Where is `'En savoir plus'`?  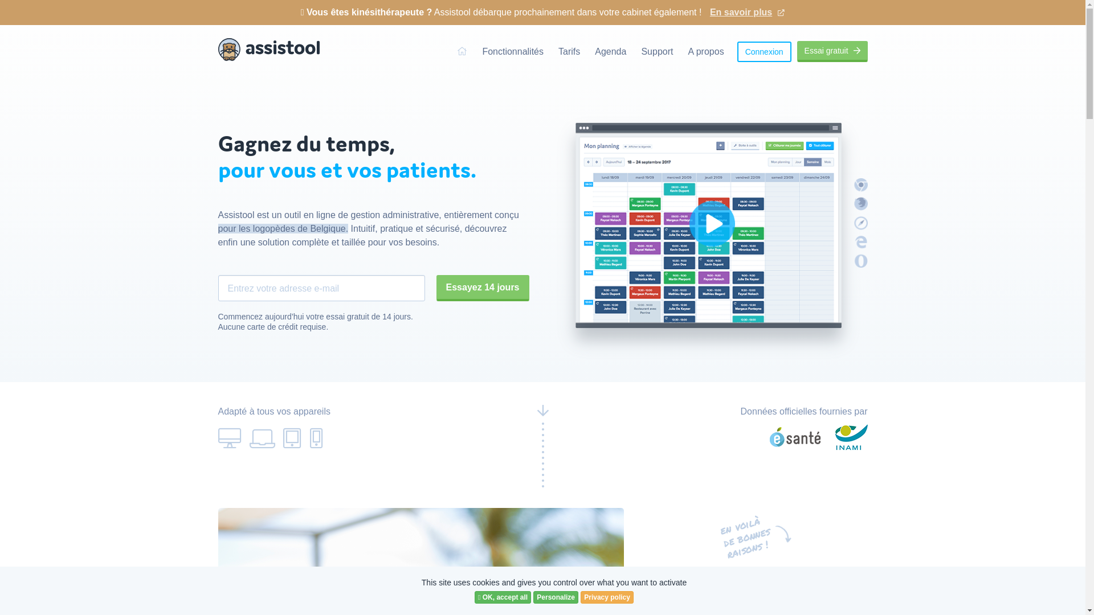
'En savoir plus' is located at coordinates (747, 7).